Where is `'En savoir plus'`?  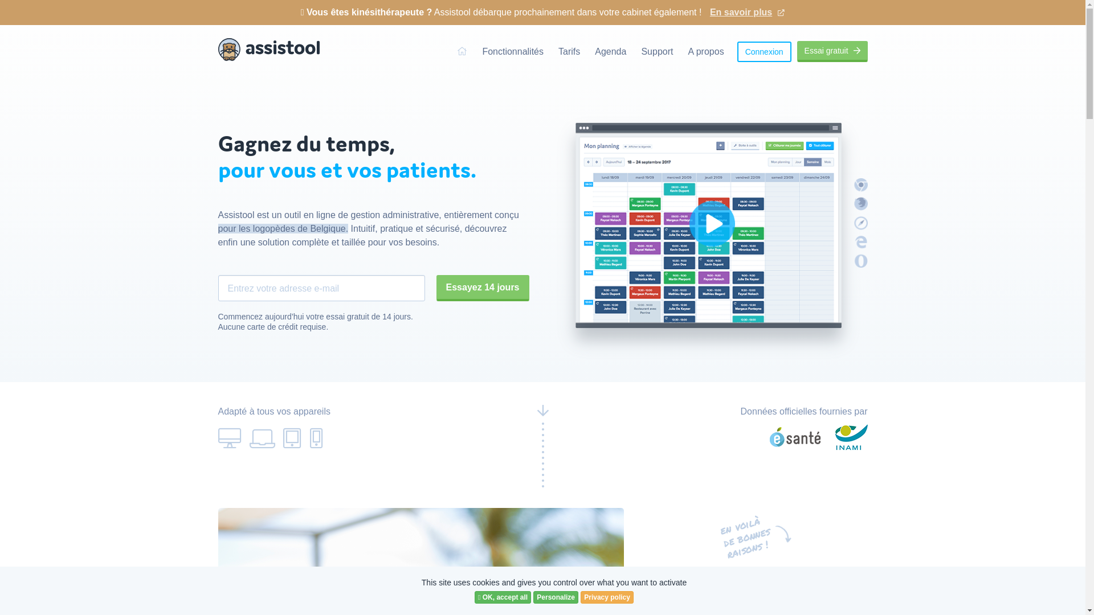
'En savoir plus' is located at coordinates (747, 7).